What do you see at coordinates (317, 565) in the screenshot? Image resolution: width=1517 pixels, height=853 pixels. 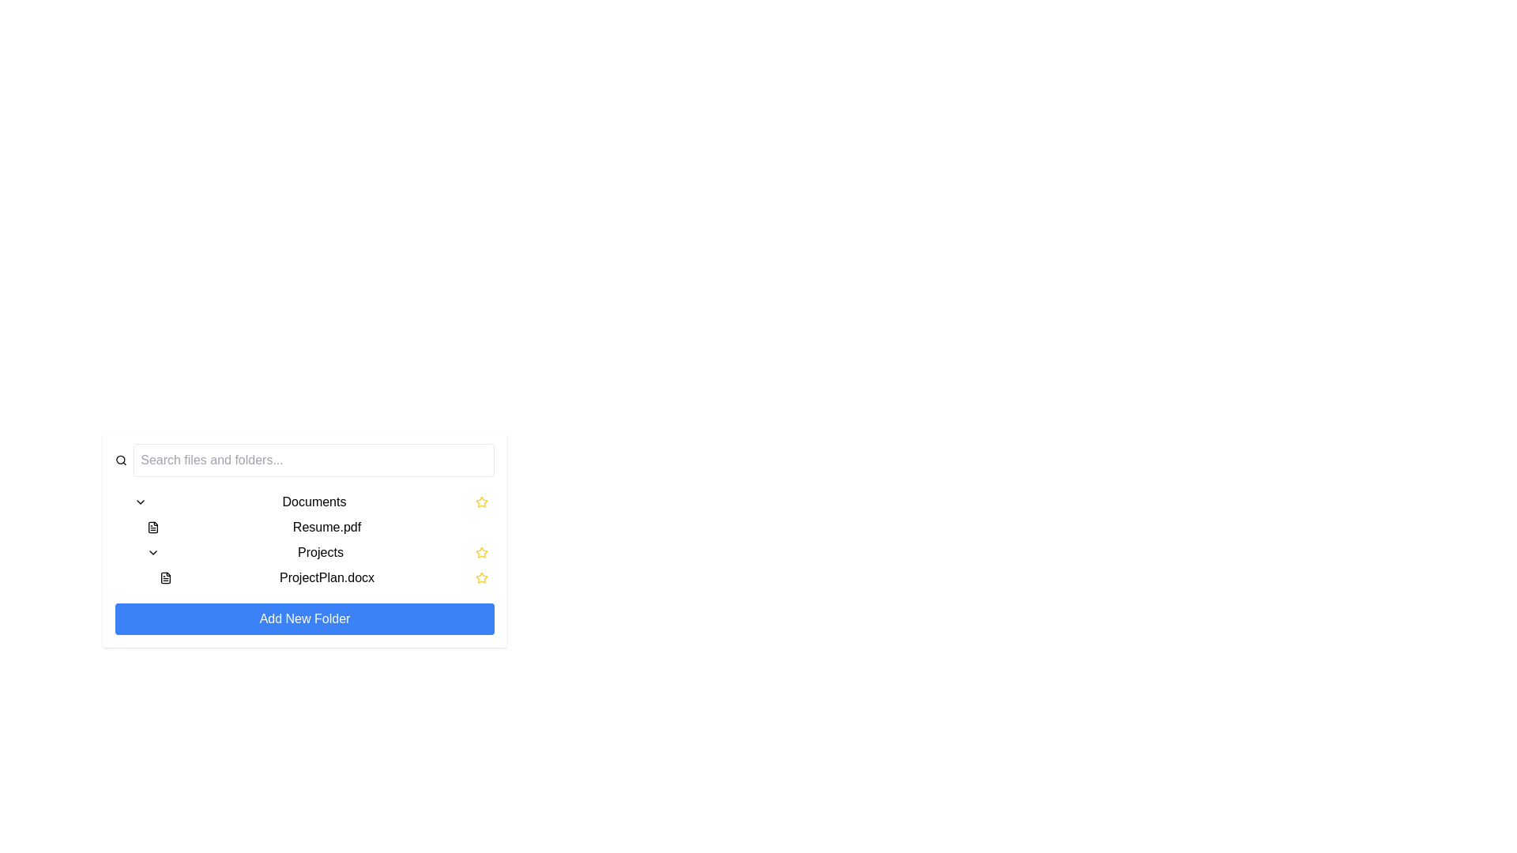 I see `the text label displaying the file name 'ProjectPlan.docx' within the 'Projects' folder in the file navigation interface` at bounding box center [317, 565].